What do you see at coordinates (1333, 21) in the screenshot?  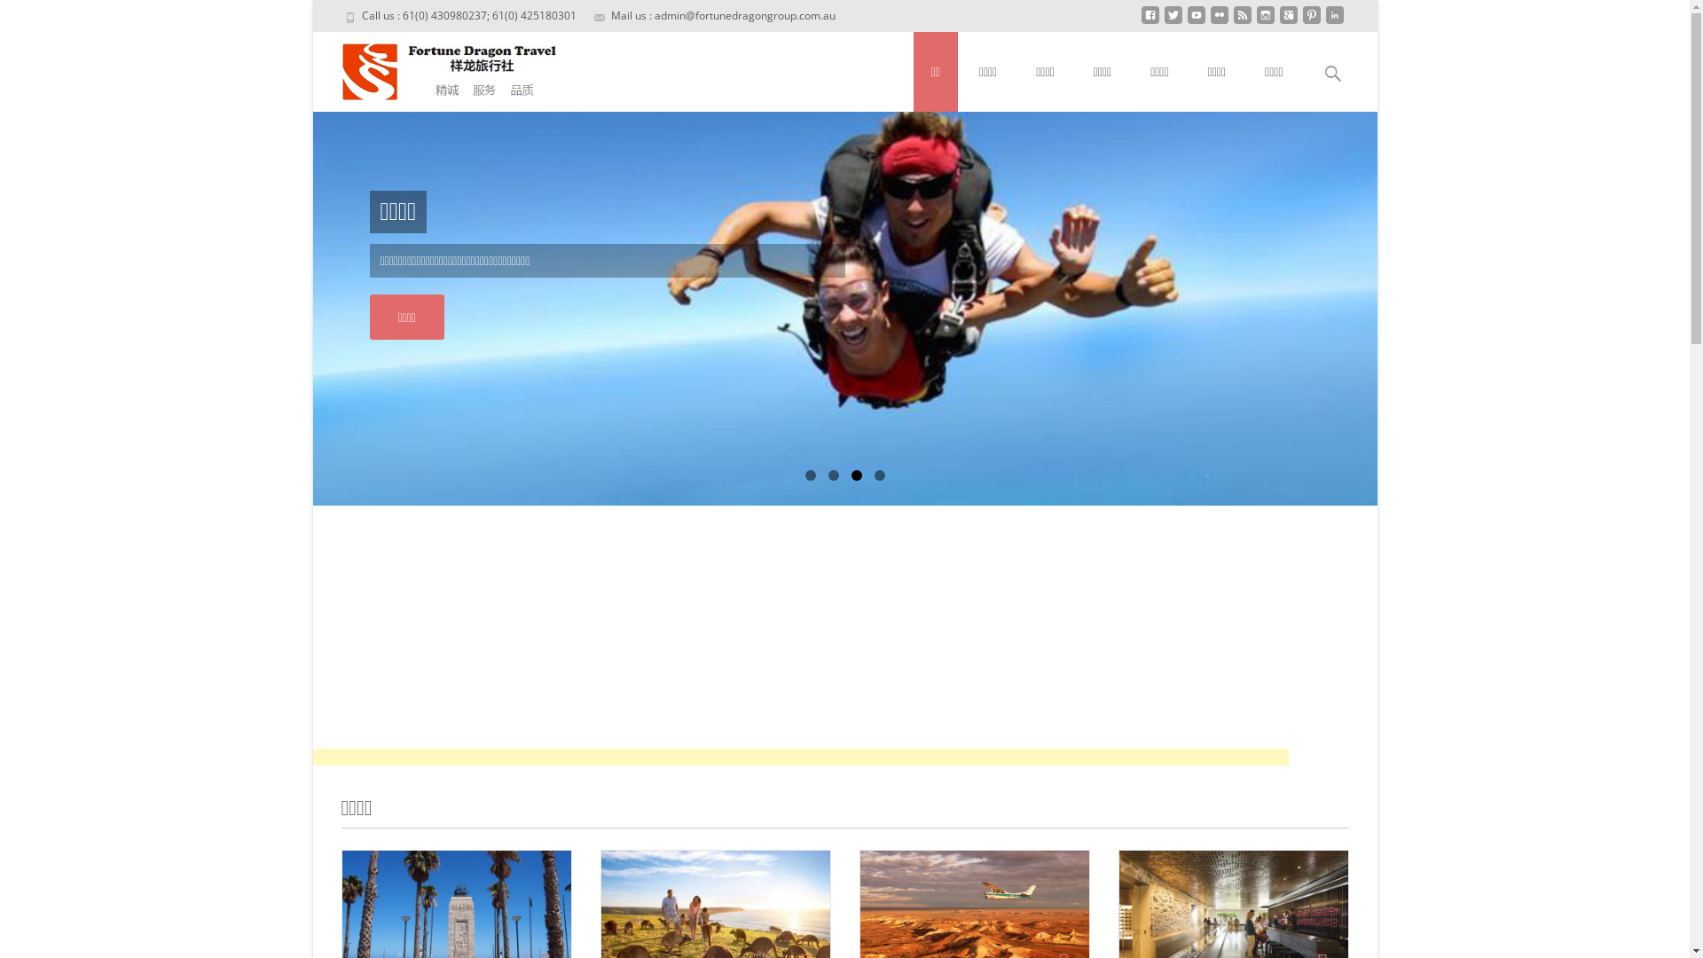 I see `'linkedin'` at bounding box center [1333, 21].